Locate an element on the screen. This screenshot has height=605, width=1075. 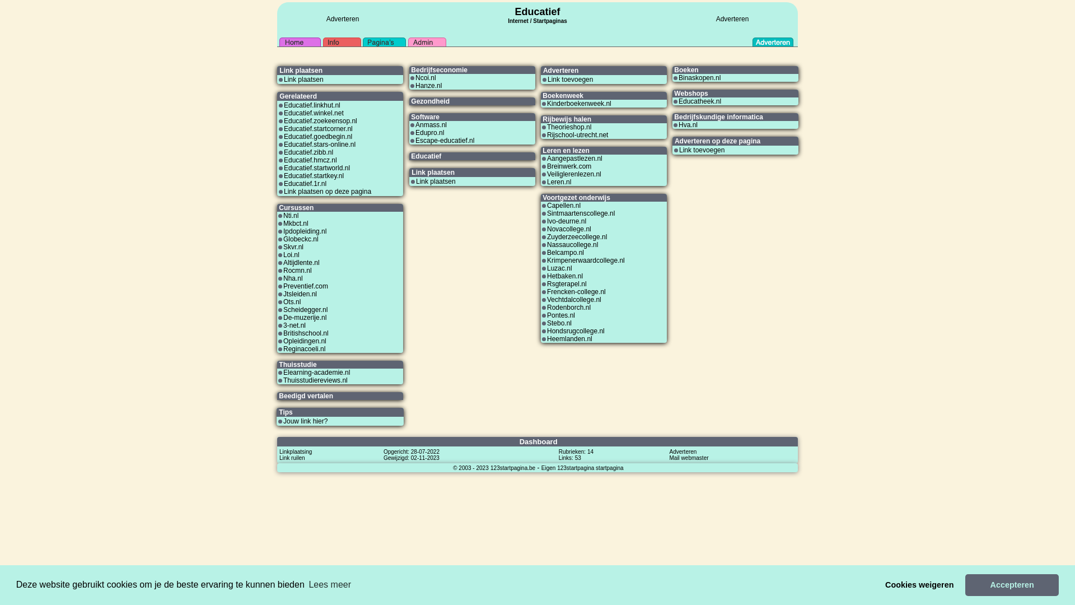
'Educatief.startworld.nl' is located at coordinates (316, 168).